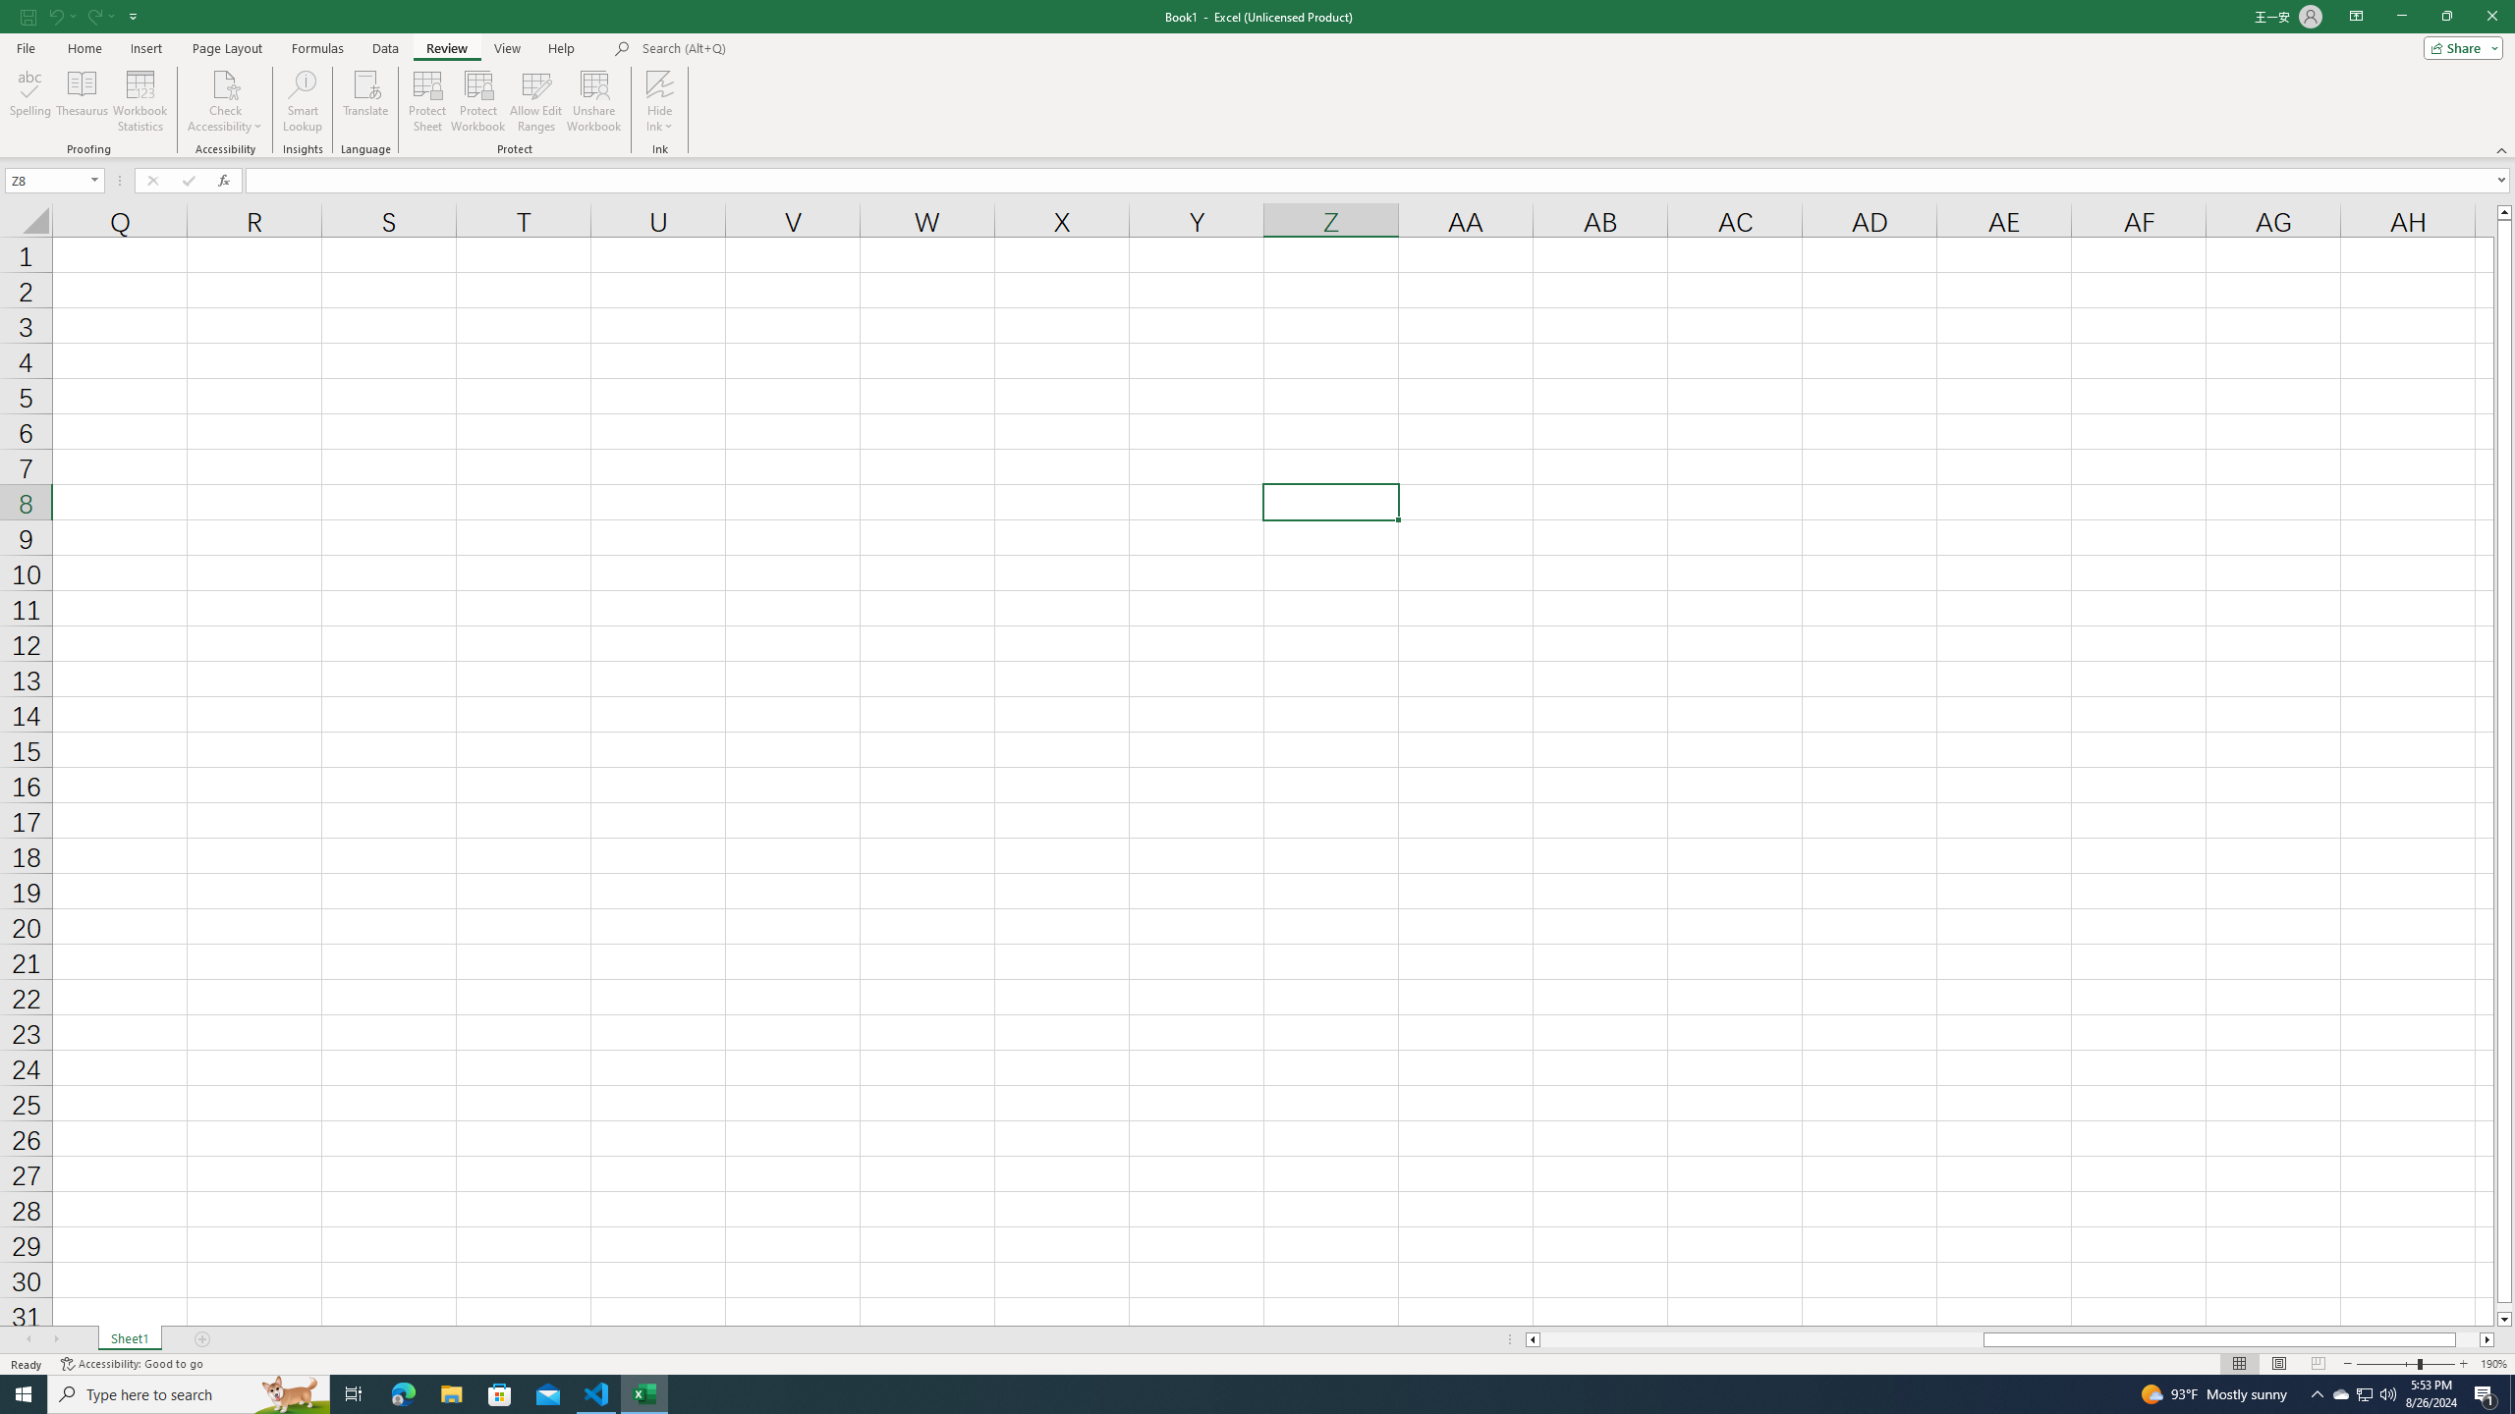 The width and height of the screenshot is (2515, 1414). I want to click on 'Review', so click(445, 48).